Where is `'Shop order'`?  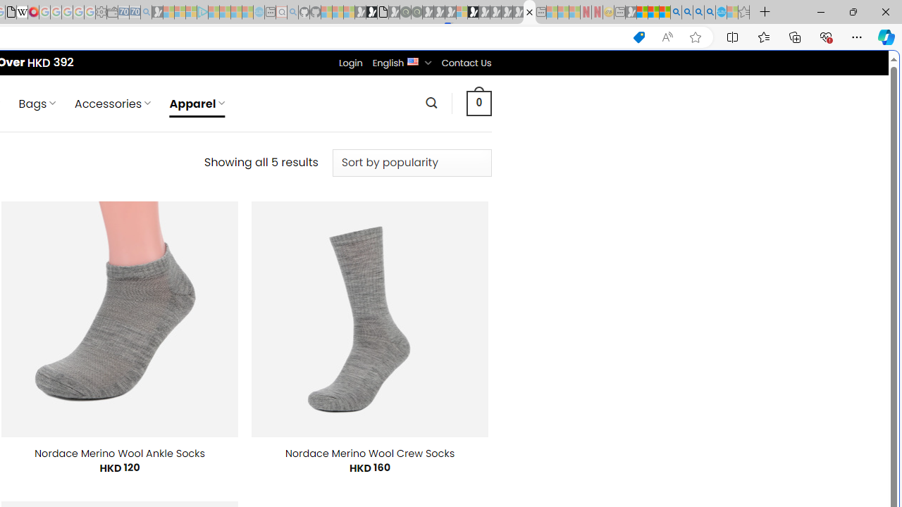
'Shop order' is located at coordinates (411, 162).